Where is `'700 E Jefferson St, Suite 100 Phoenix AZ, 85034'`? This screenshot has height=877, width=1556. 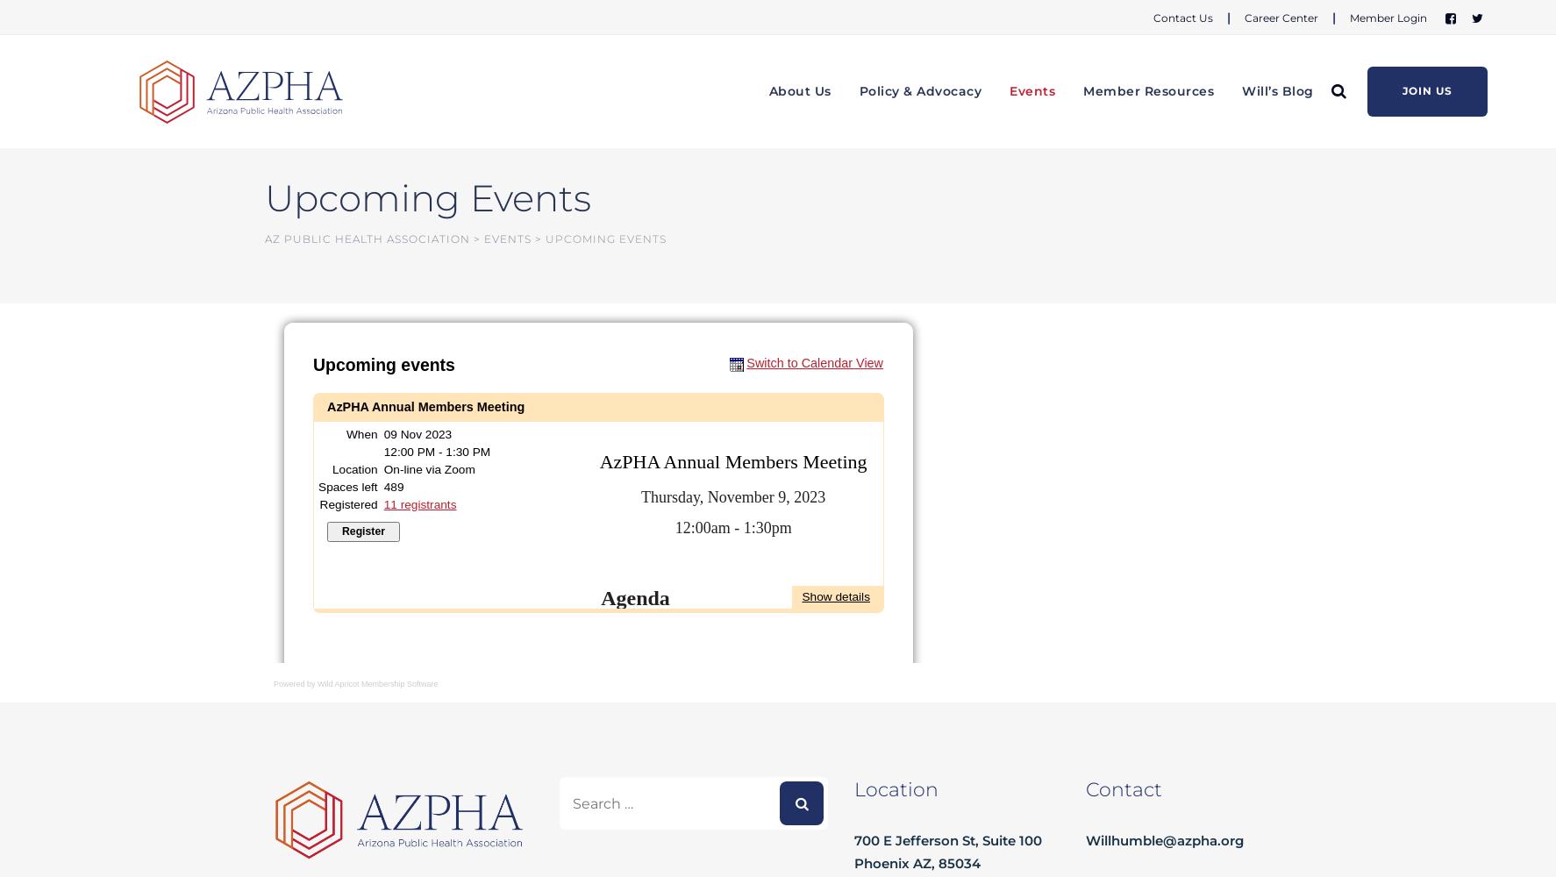
'700 E Jefferson St, Suite 100 Phoenix AZ, 85034' is located at coordinates (947, 851).